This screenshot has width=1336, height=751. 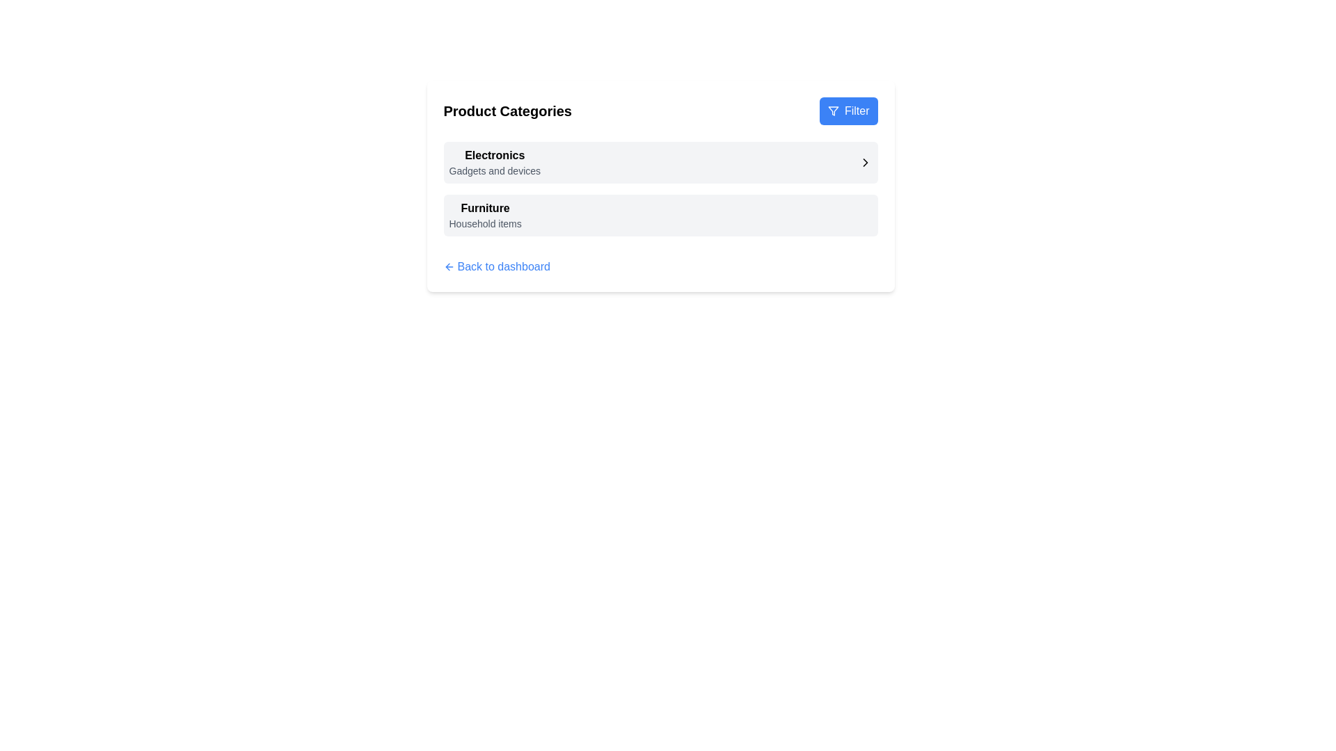 I want to click on the 'Filter' button located at the top-right corner of the 'Product Categories' section, so click(x=848, y=110).